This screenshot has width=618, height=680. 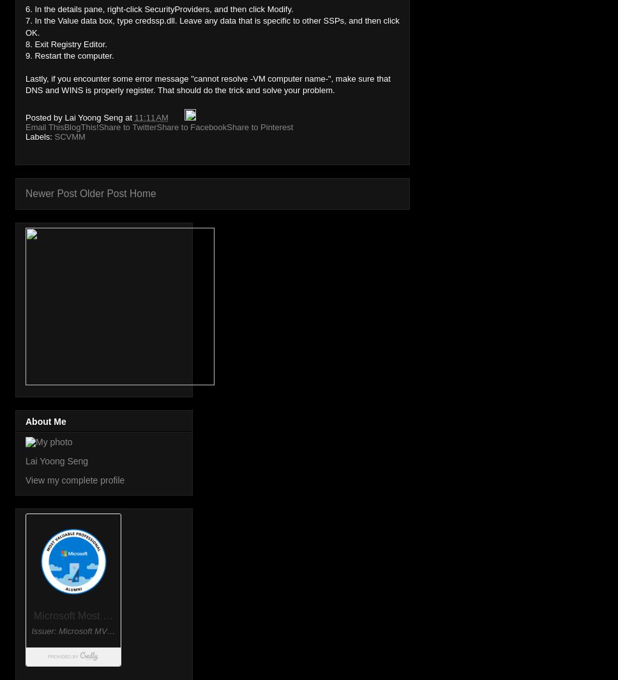 What do you see at coordinates (69, 136) in the screenshot?
I see `'SCVMM'` at bounding box center [69, 136].